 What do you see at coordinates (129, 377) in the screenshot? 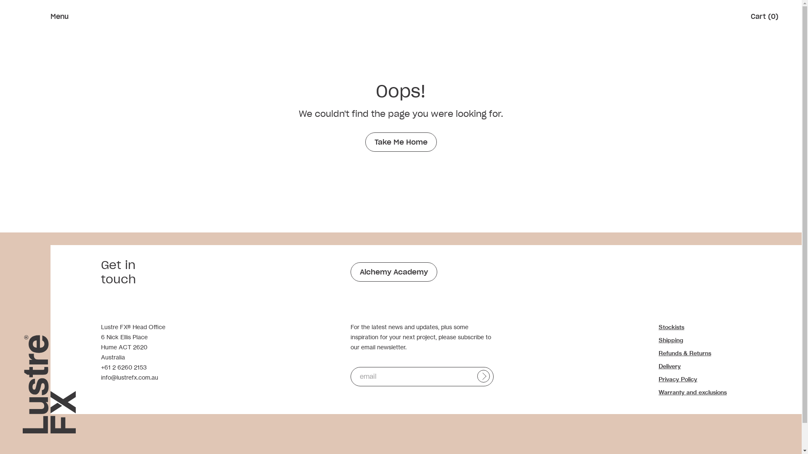
I see `'info@lustrefx.com.au'` at bounding box center [129, 377].